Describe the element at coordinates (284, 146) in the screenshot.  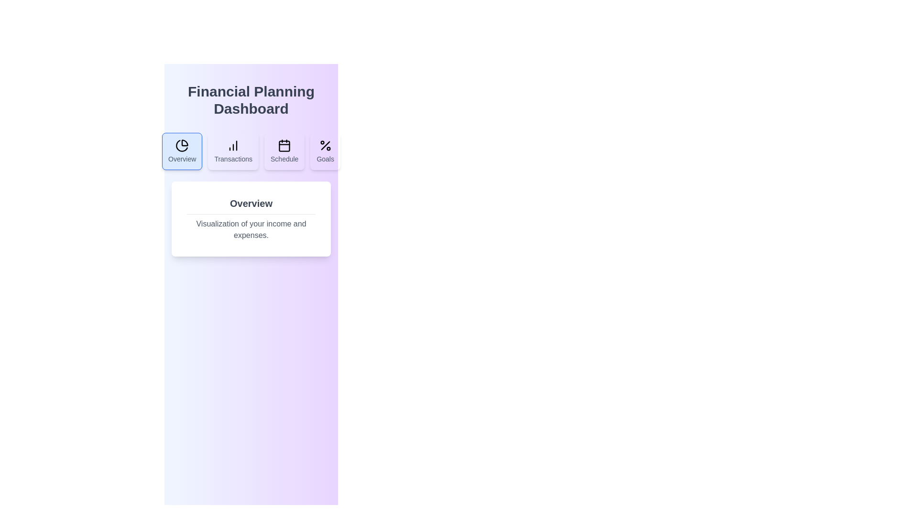
I see `the calendar icon in the navigation bar, which contains a rounded rectangle styled with a stroke and no fill, and is the third icon titled 'Schedule'` at that location.